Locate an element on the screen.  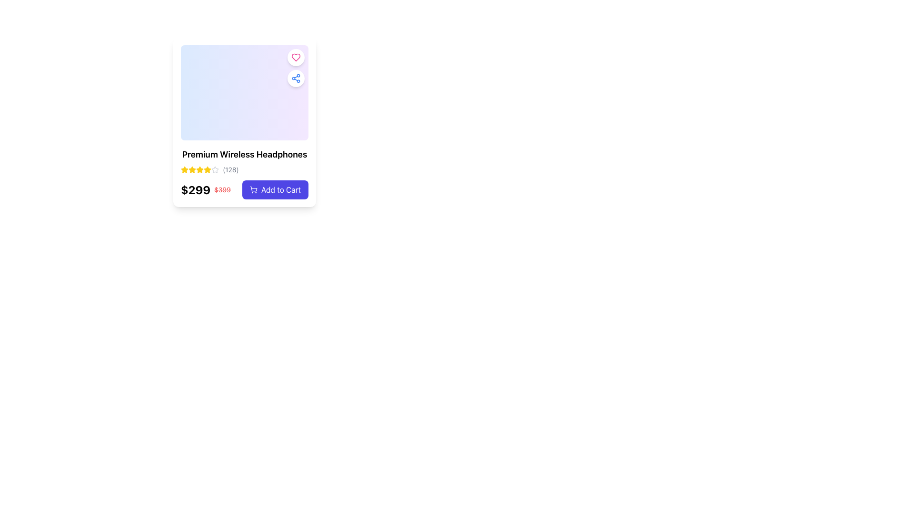
the text label that reads 'Premium Wireless Headphones', which is styled in bold and centrally aligned within a product card interface is located at coordinates (244, 154).